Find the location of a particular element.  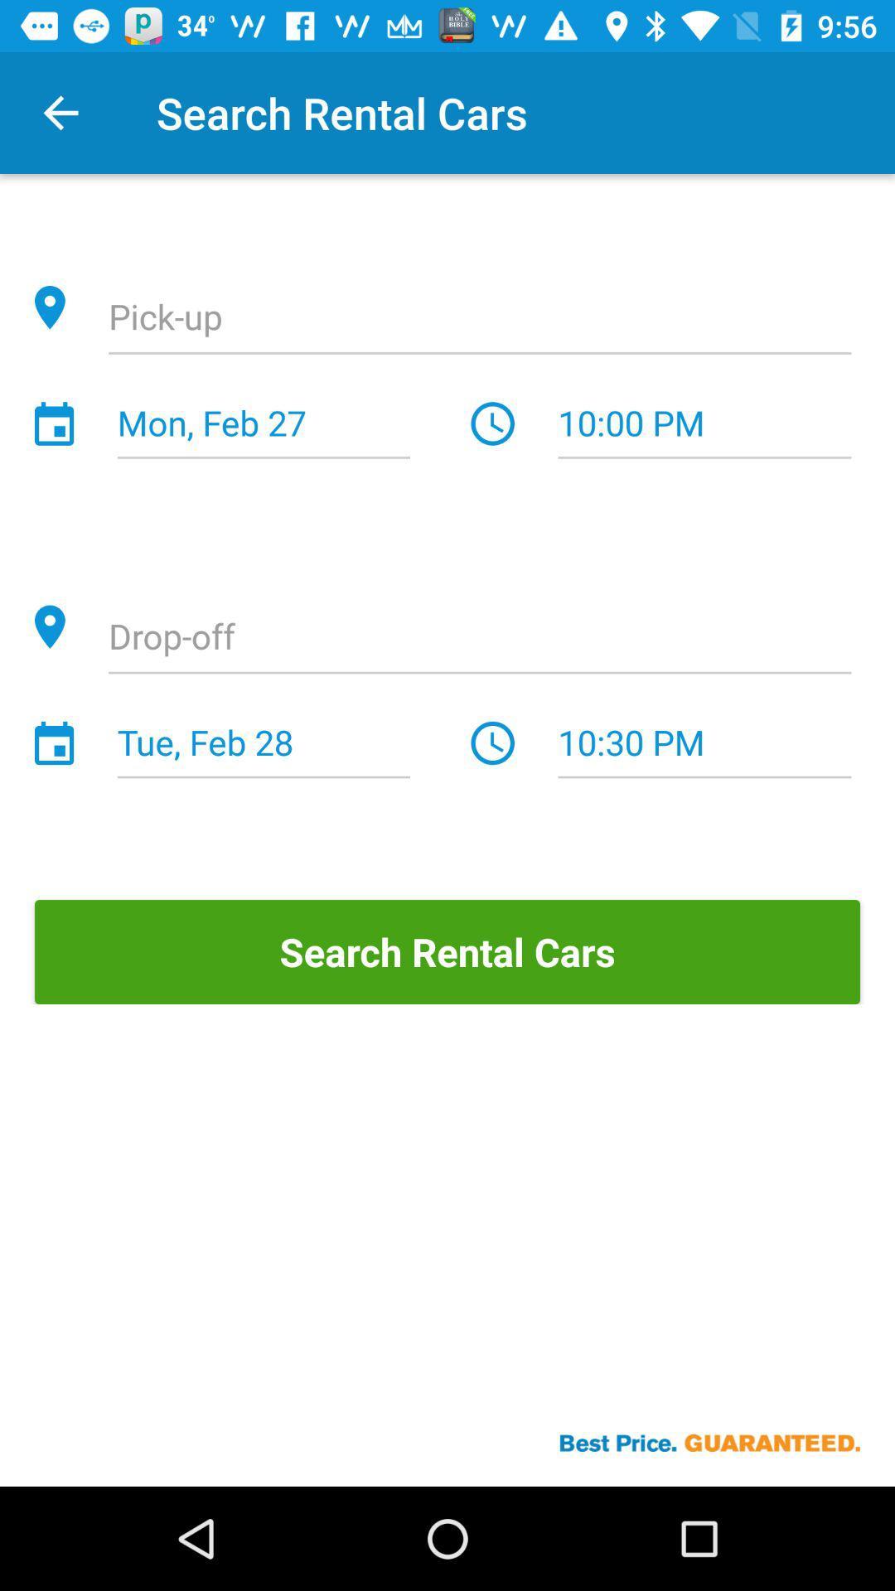

the search rental cars button on the page is located at coordinates (447, 951).